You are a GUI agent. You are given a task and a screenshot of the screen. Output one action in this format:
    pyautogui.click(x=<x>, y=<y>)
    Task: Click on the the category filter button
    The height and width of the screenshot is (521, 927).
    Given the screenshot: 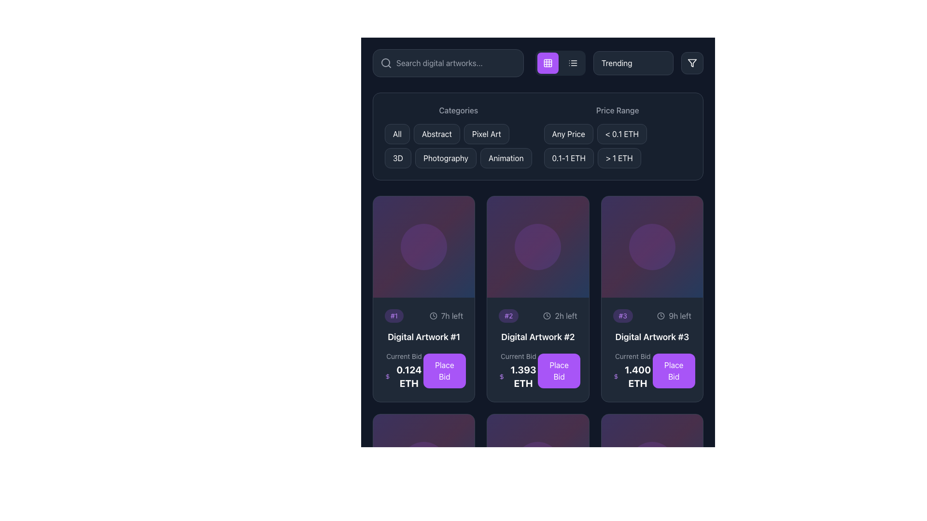 What is the action you would take?
    pyautogui.click(x=397, y=134)
    